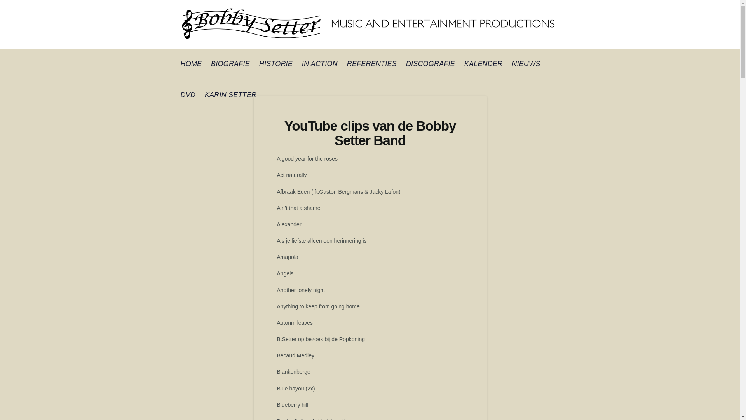 This screenshot has width=746, height=420. What do you see at coordinates (483, 64) in the screenshot?
I see `'KALENDER'` at bounding box center [483, 64].